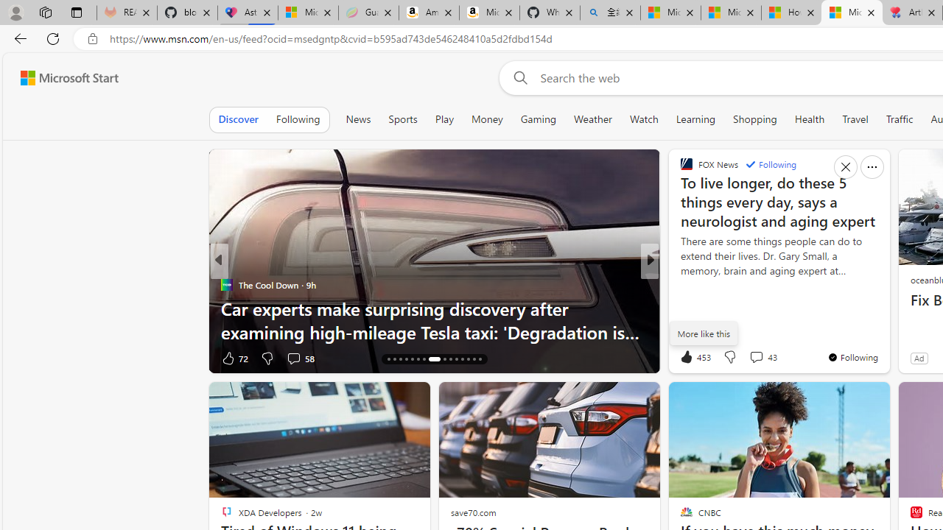 The width and height of the screenshot is (943, 530). I want to click on 'View comments 7 Comment', so click(756, 358).